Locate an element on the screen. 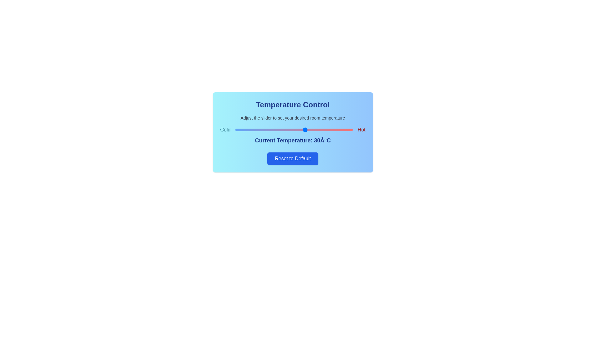  the temperature slider to set the temperature to 34°C is located at coordinates (315, 130).